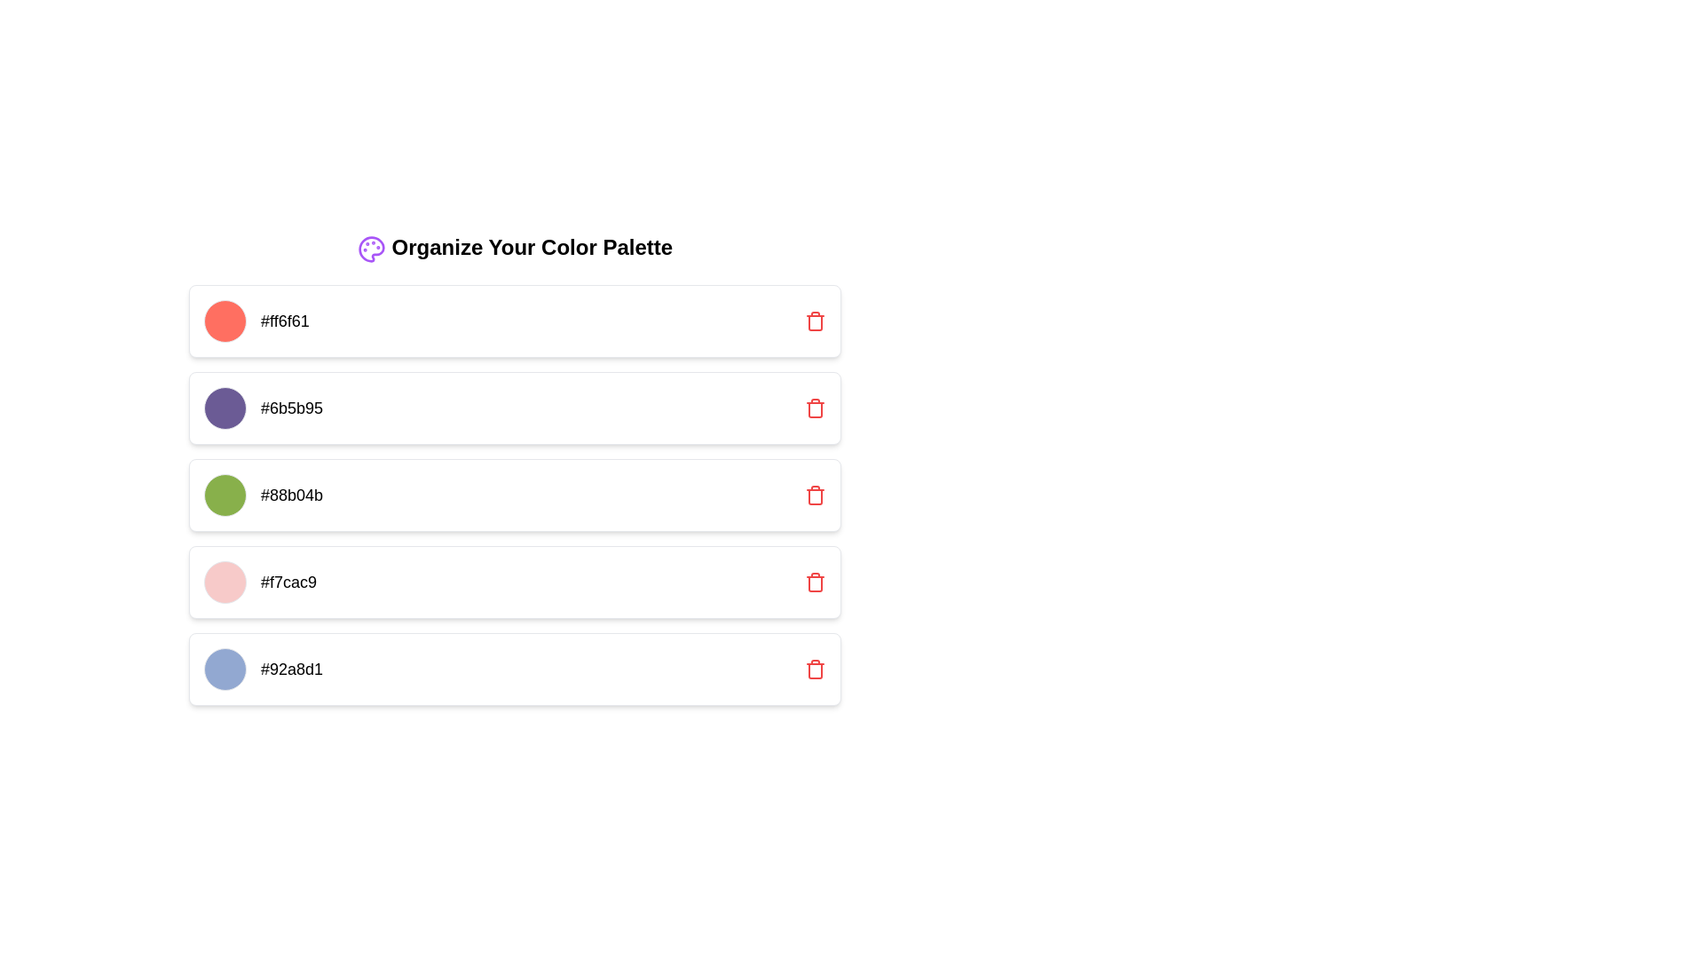  I want to click on the red trash icon located to the far right of the second item in the vertical list, so click(814, 408).